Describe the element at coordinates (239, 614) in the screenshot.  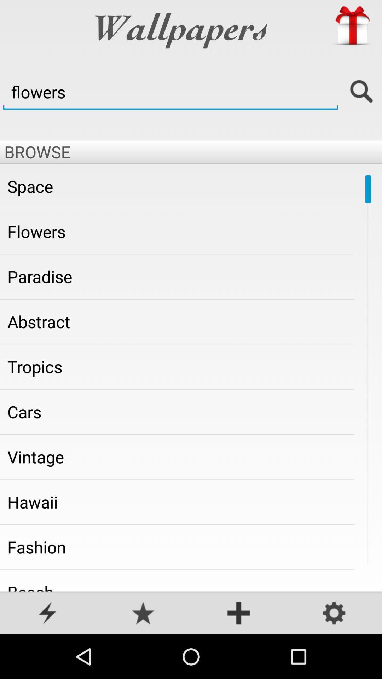
I see `see more options` at that location.